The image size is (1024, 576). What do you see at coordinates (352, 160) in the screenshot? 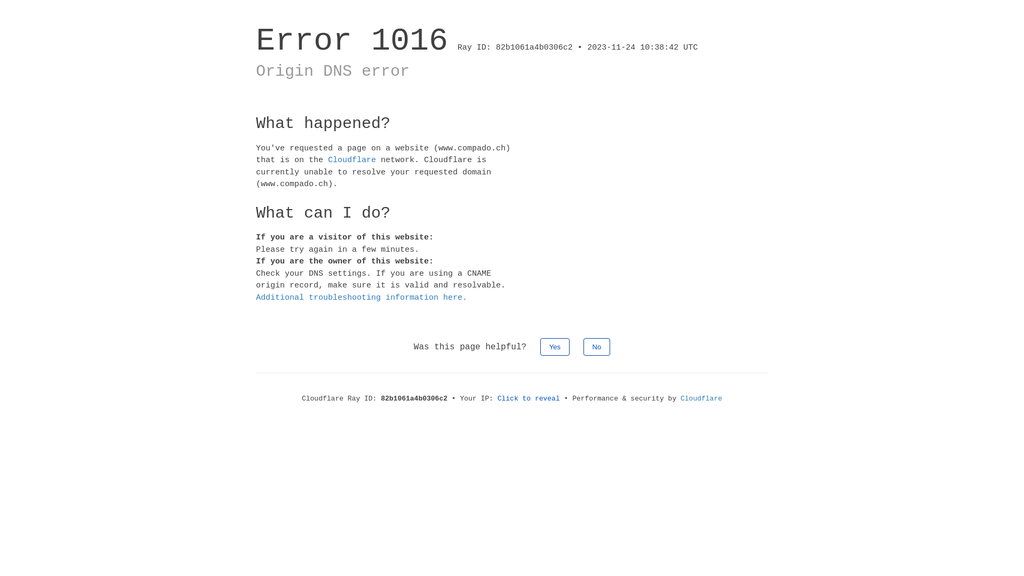
I see `'Cloudflare'` at bounding box center [352, 160].